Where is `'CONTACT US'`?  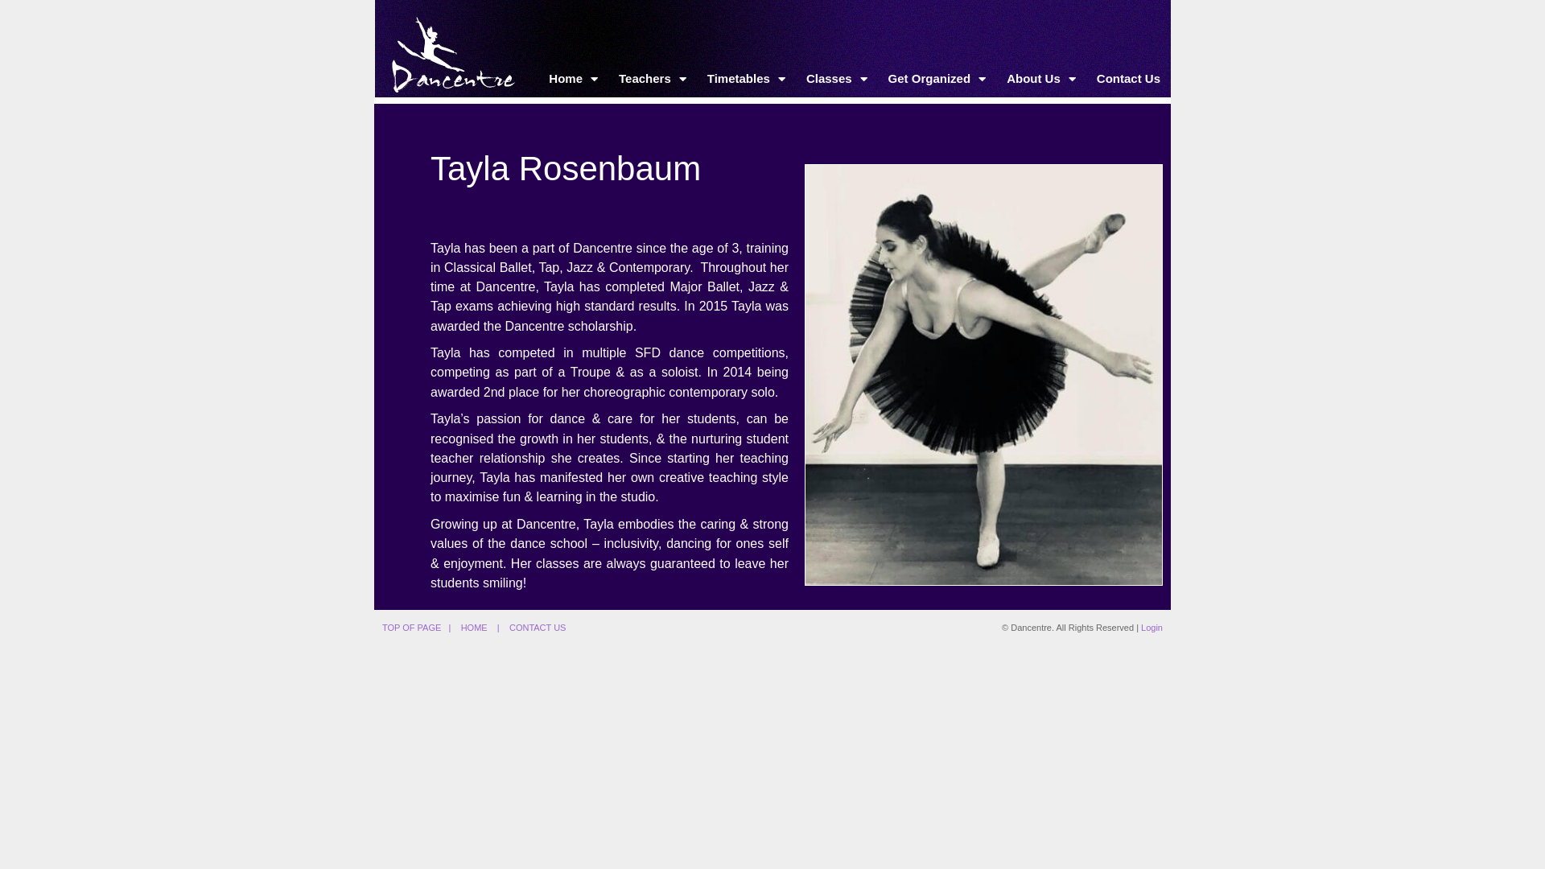 'CONTACT US' is located at coordinates (538, 626).